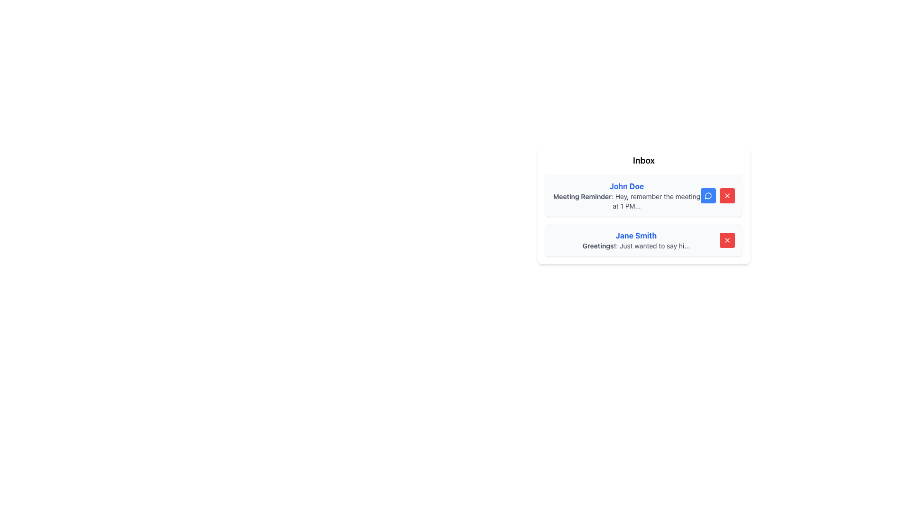 Image resolution: width=911 pixels, height=512 pixels. I want to click on the 'Inbox' message list element, so click(644, 204).